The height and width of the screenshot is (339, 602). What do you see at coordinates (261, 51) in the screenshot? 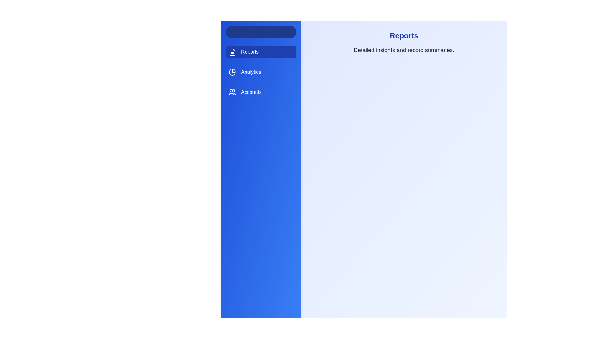
I see `the tab labeled Reports to observe visual feedback` at bounding box center [261, 51].